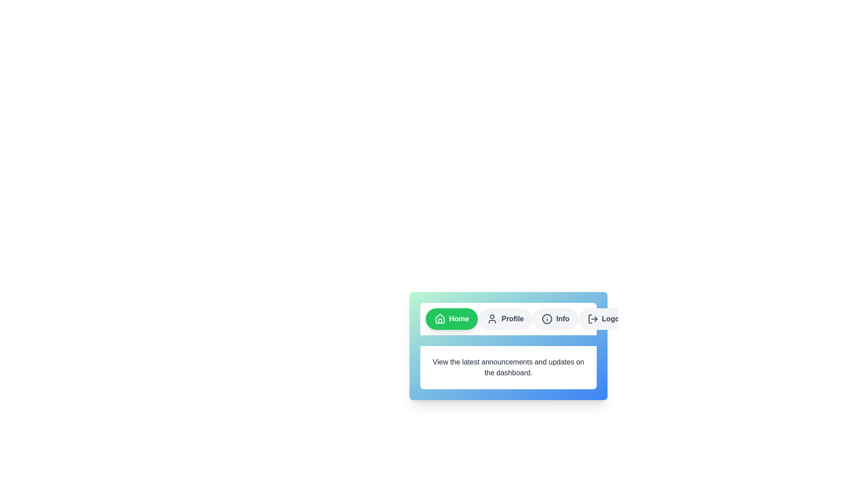  Describe the element at coordinates (607, 319) in the screenshot. I see `the 'Logout' button, which is the last item in the navigation bar, styled with a rounded appearance and dark gray text, to log out` at that location.